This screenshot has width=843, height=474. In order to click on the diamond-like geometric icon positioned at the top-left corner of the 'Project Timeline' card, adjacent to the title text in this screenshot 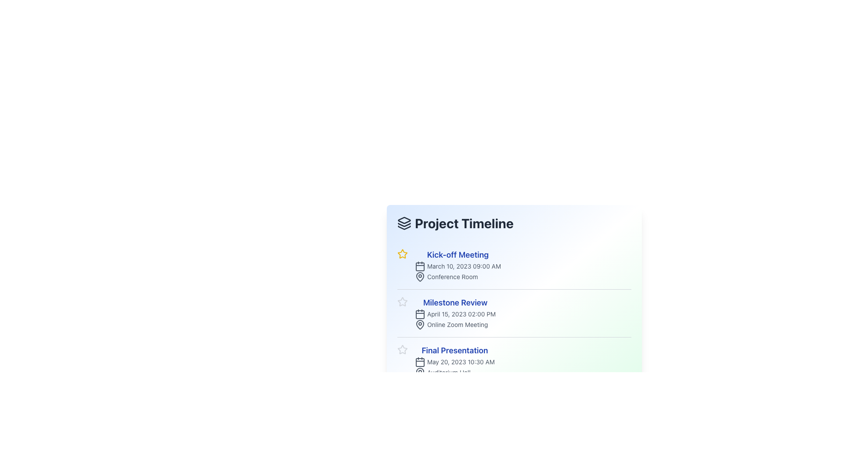, I will do `click(404, 220)`.